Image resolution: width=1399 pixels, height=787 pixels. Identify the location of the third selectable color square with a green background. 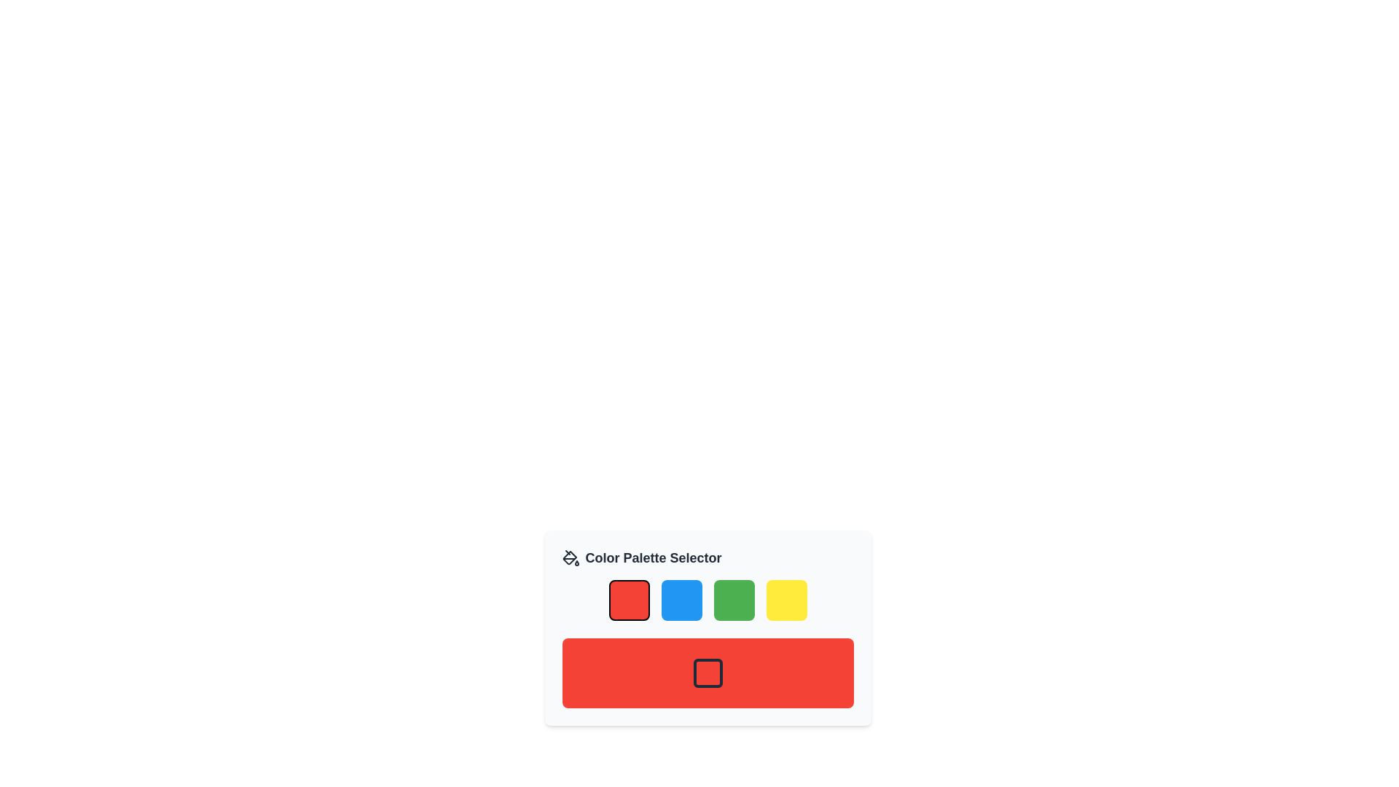
(734, 600).